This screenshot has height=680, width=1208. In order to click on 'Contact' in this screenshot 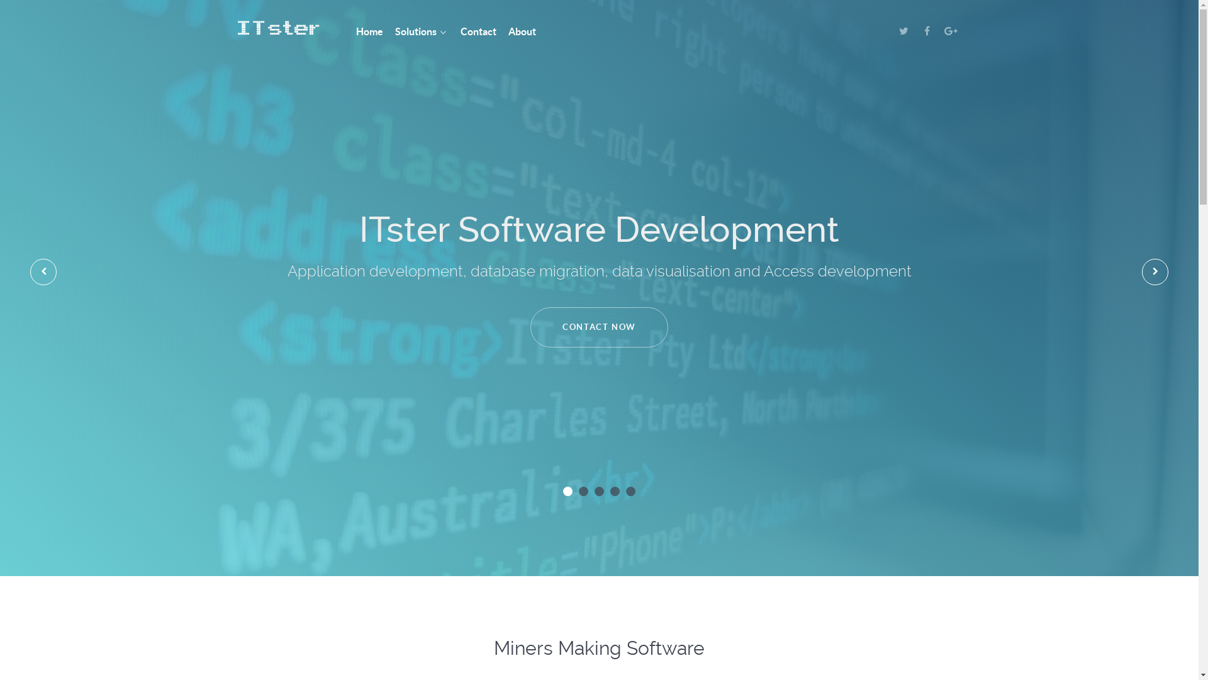, I will do `click(478, 31)`.